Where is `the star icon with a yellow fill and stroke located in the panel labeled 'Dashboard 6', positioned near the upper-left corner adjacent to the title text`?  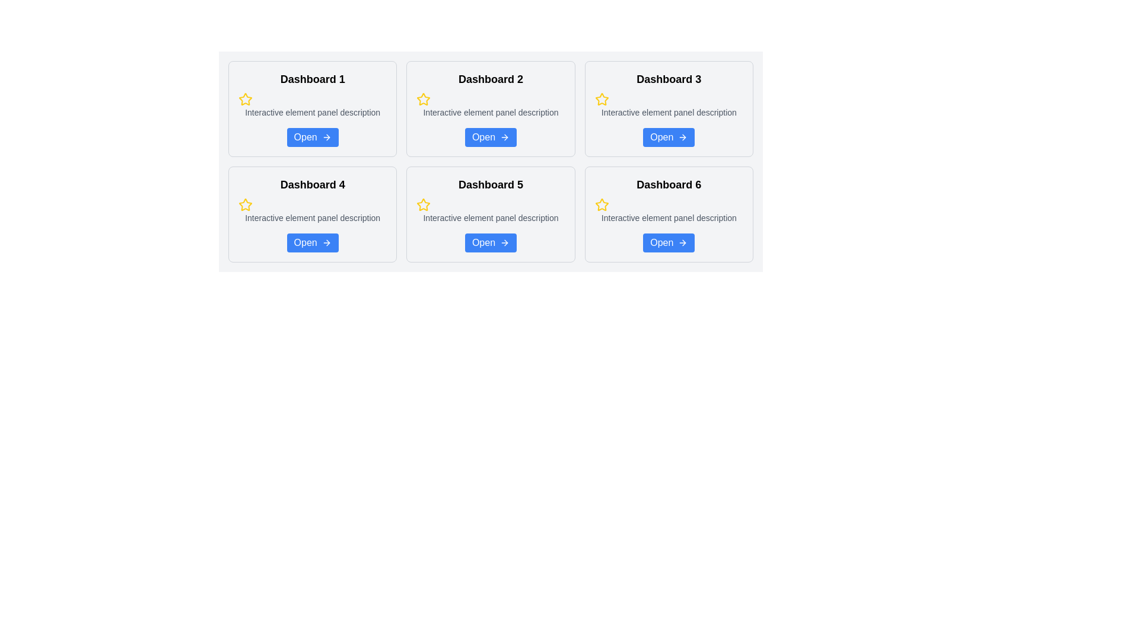 the star icon with a yellow fill and stroke located in the panel labeled 'Dashboard 6', positioned near the upper-left corner adjacent to the title text is located at coordinates (602, 204).